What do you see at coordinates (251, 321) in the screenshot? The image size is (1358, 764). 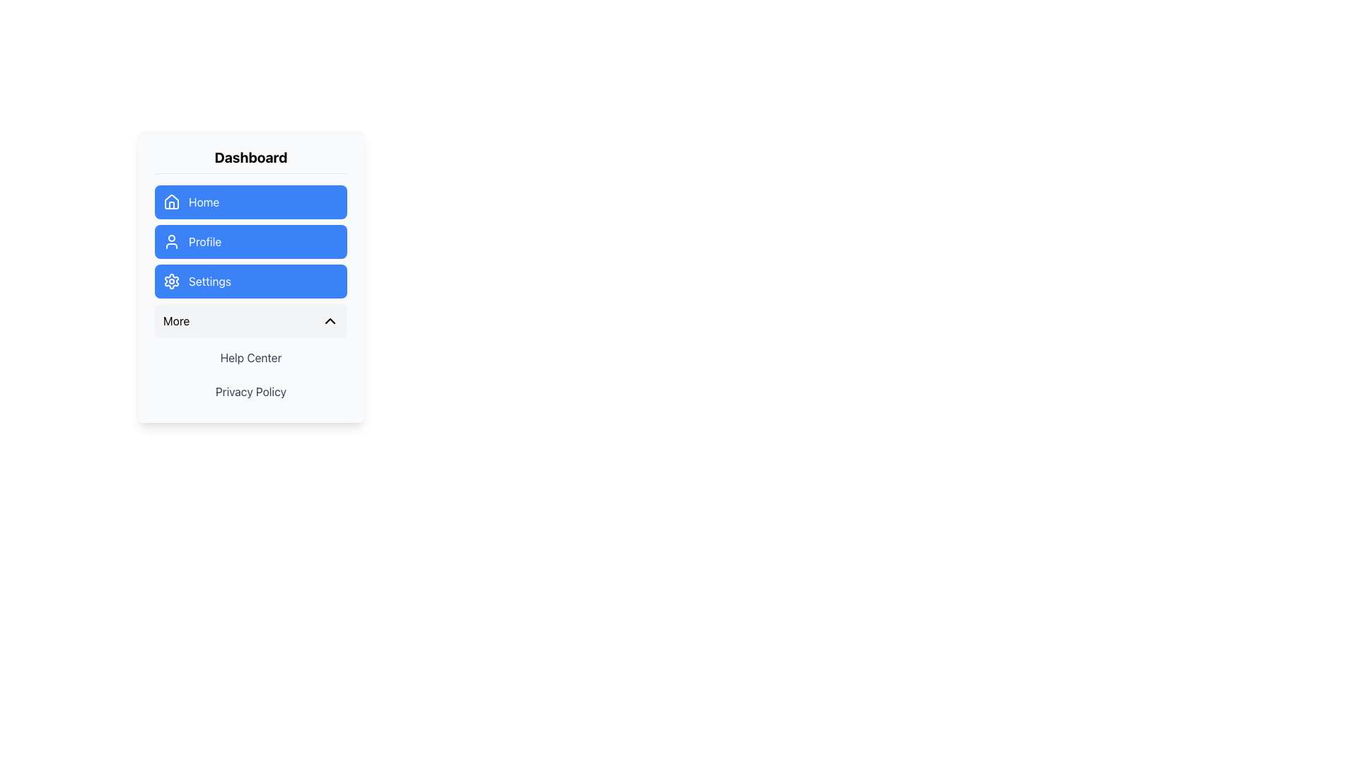 I see `the Expandable button located below the 'Settings' button and above the 'Help Center' and 'Privacy Policy' links` at bounding box center [251, 321].